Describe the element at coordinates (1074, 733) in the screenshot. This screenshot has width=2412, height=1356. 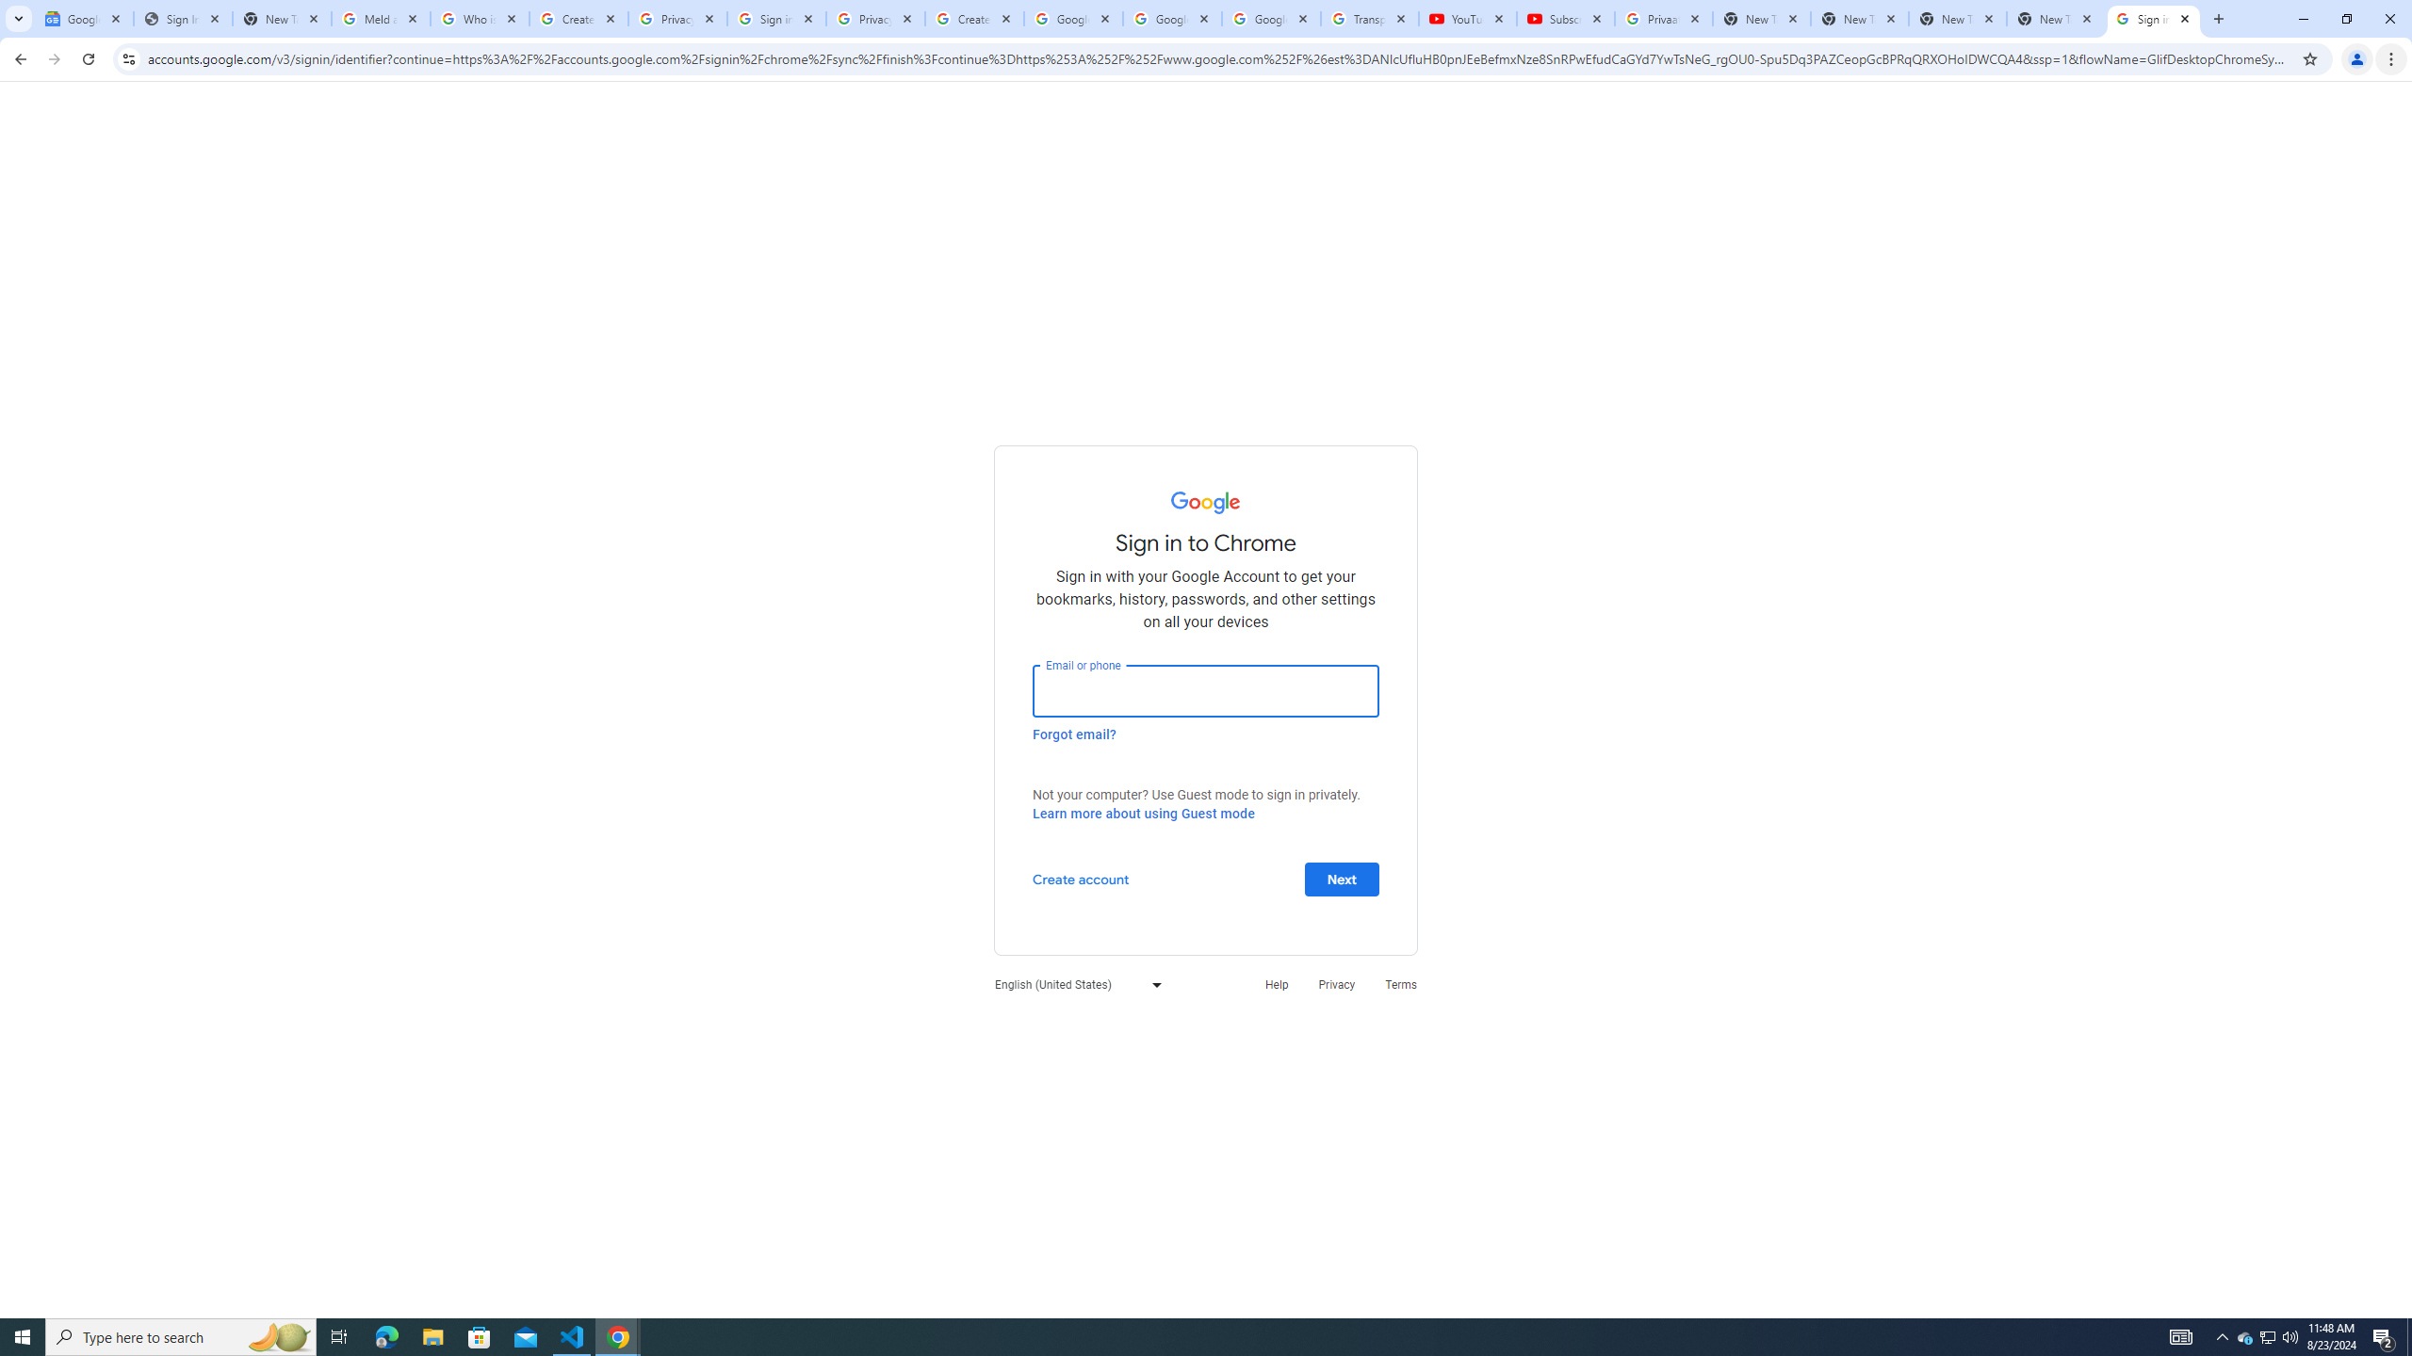
I see `'Forgot email?'` at that location.